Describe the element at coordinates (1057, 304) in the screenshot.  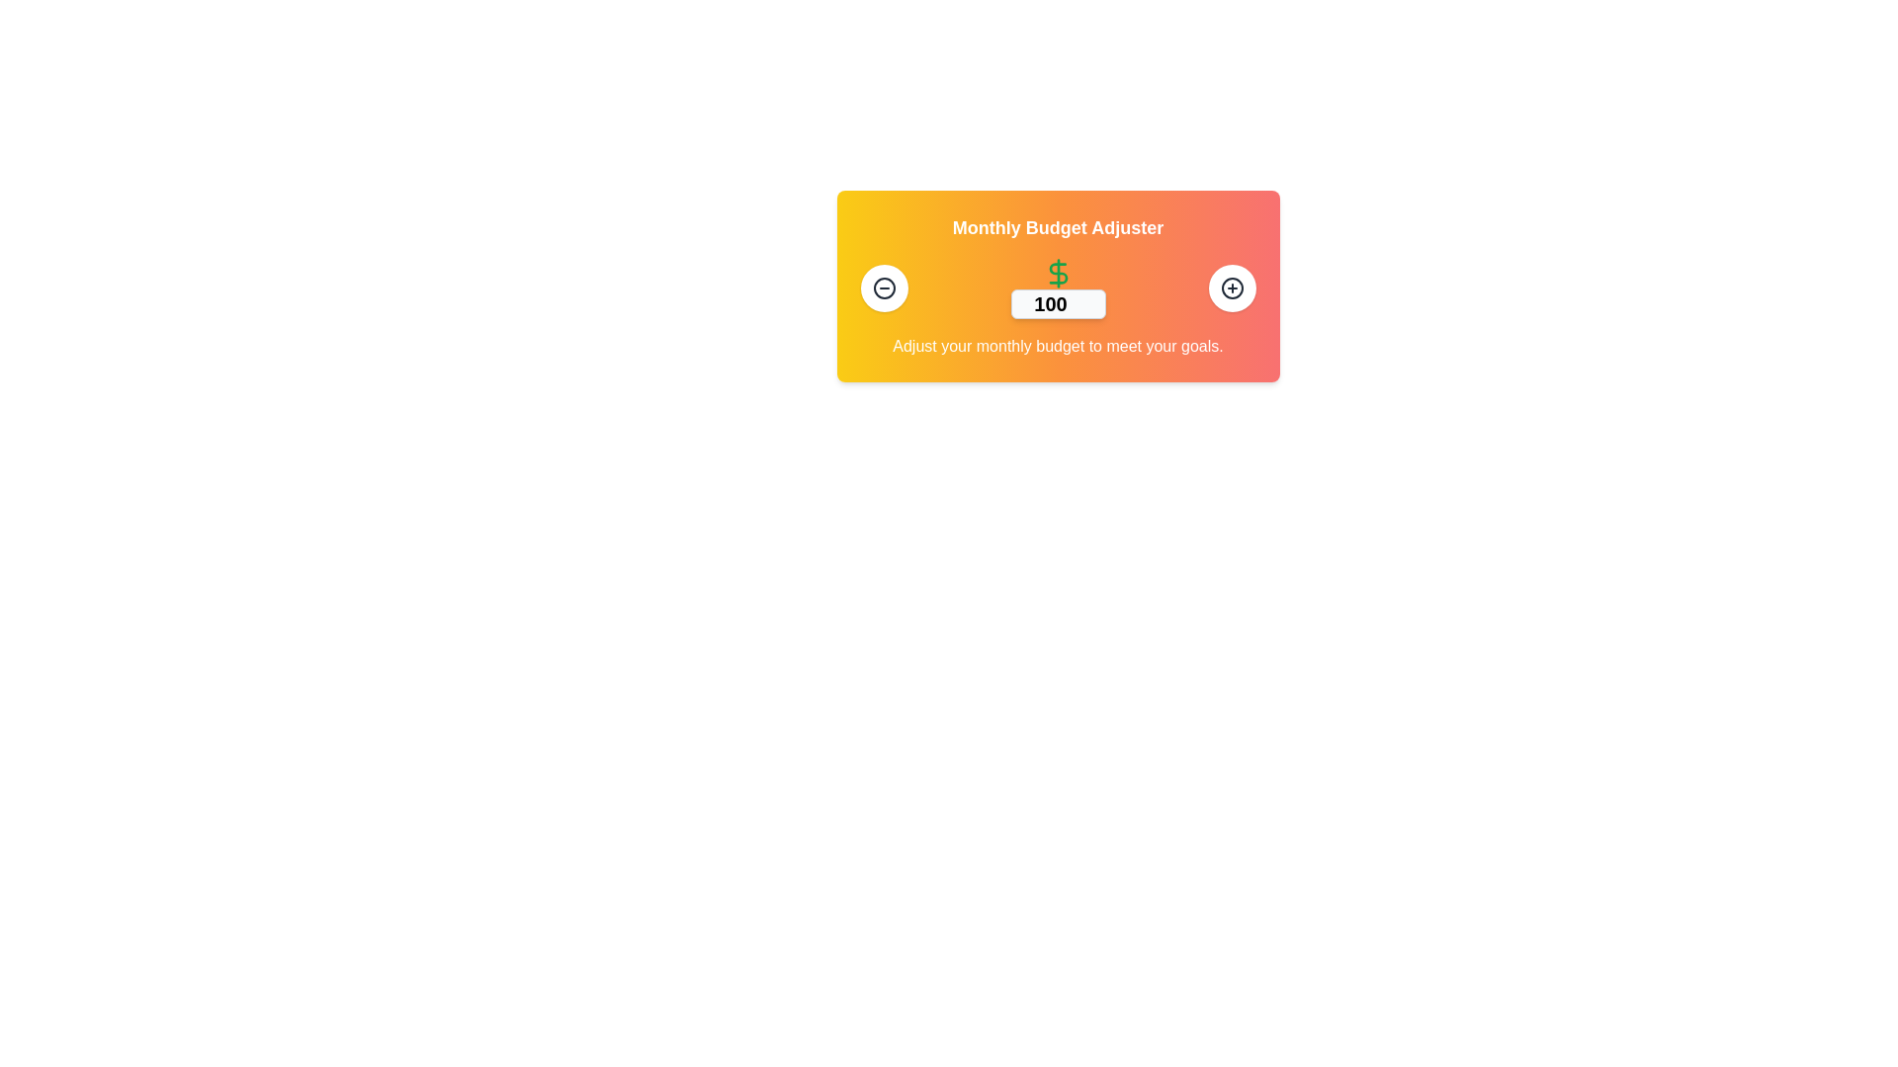
I see `the text input field for entering a monthly budget amount, which is centered below a green dollar symbol and flanked by minus and plus buttons` at that location.